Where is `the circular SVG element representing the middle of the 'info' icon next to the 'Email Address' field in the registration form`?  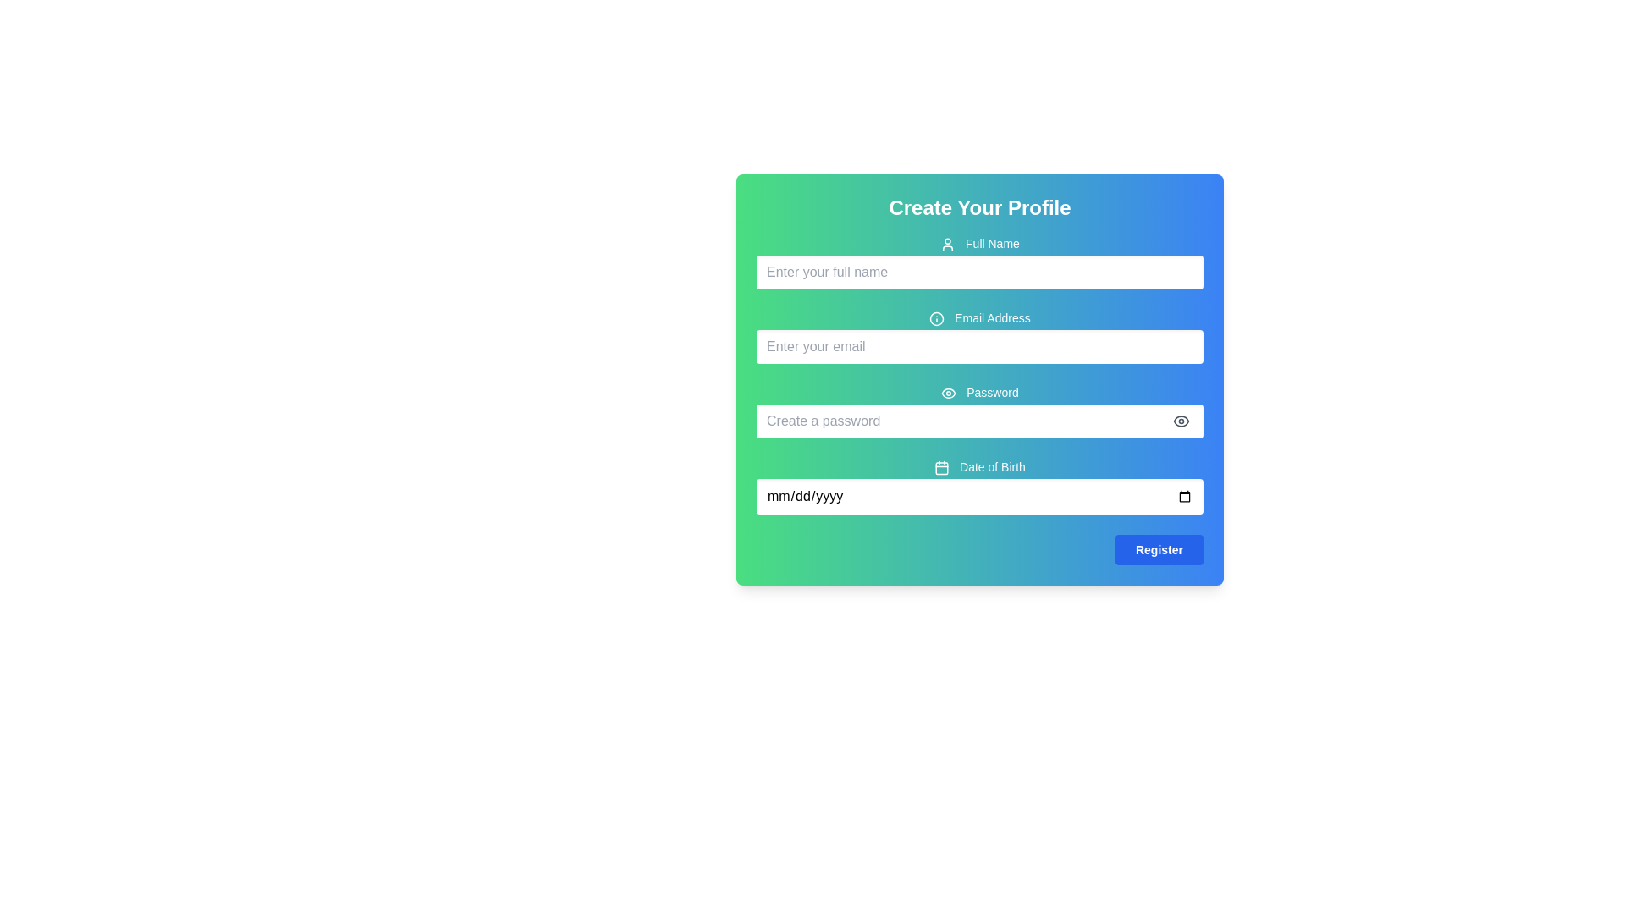 the circular SVG element representing the middle of the 'info' icon next to the 'Email Address' field in the registration form is located at coordinates (936, 319).